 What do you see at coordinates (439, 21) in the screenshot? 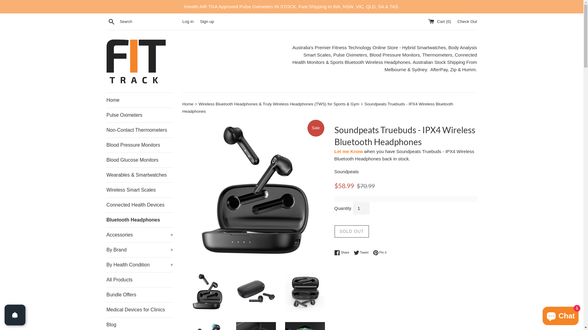
I see `'Cart (0)'` at bounding box center [439, 21].